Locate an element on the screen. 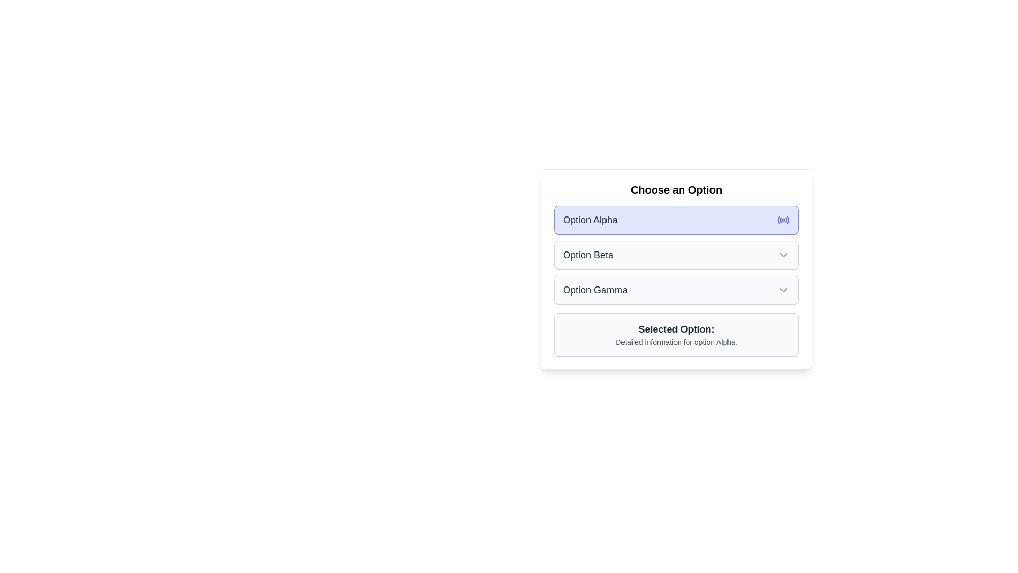 This screenshot has height=573, width=1018. the second selectable option in the vertically aligned list is located at coordinates (676, 255).